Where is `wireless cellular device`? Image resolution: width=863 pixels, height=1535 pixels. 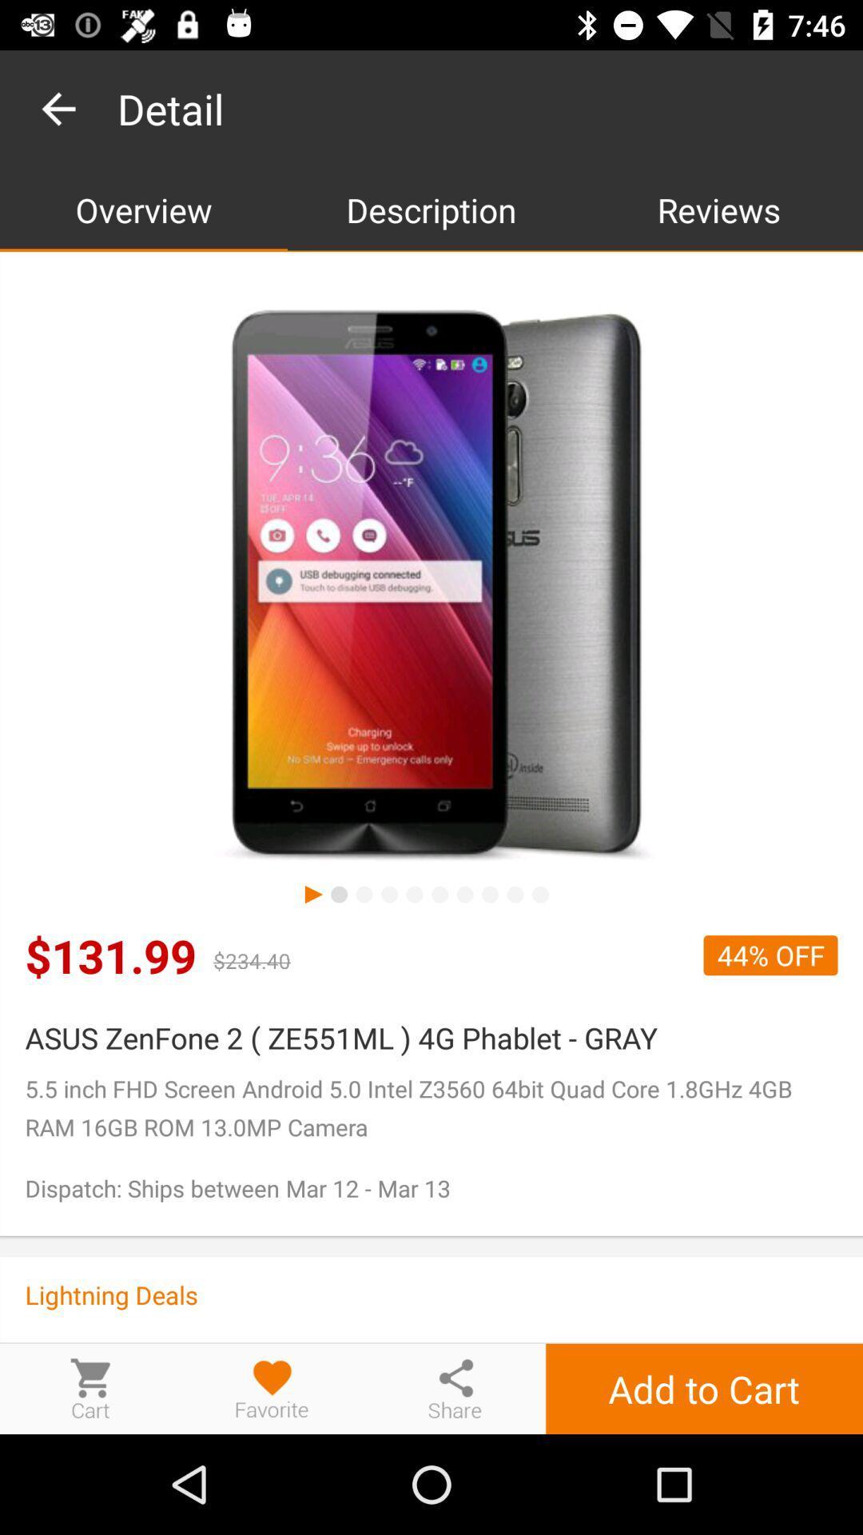 wireless cellular device is located at coordinates (431, 586).